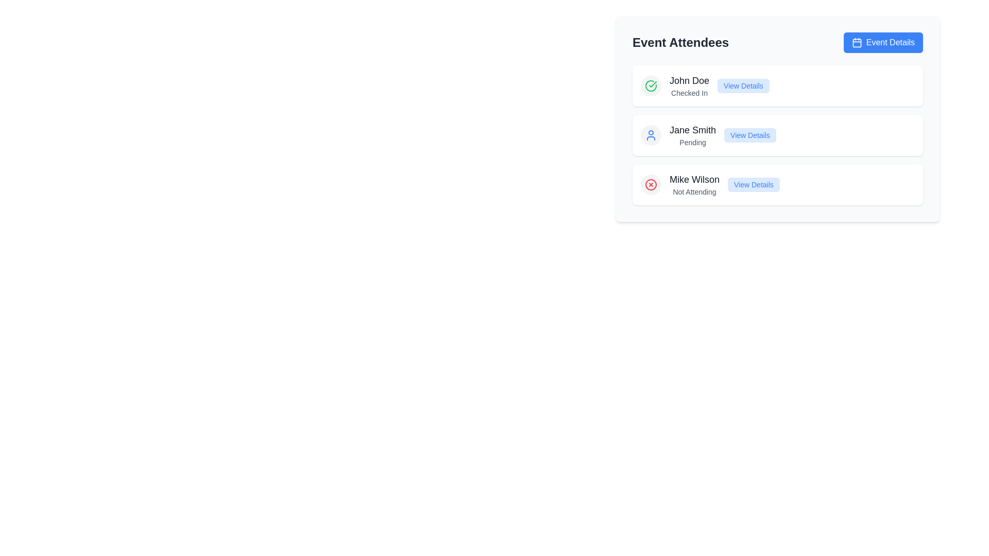 The width and height of the screenshot is (989, 556). I want to click on the Text Label element displaying 'Mike Wilson' with 'Not Attending' below it, located in the third row under 'Event Attendees', so click(694, 184).